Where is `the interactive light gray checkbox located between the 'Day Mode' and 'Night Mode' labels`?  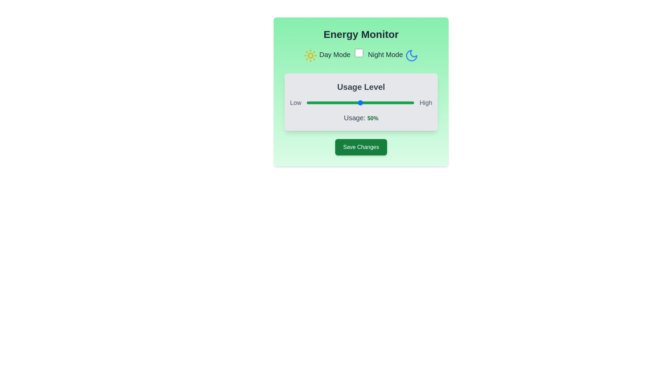 the interactive light gray checkbox located between the 'Day Mode' and 'Night Mode' labels is located at coordinates (359, 53).